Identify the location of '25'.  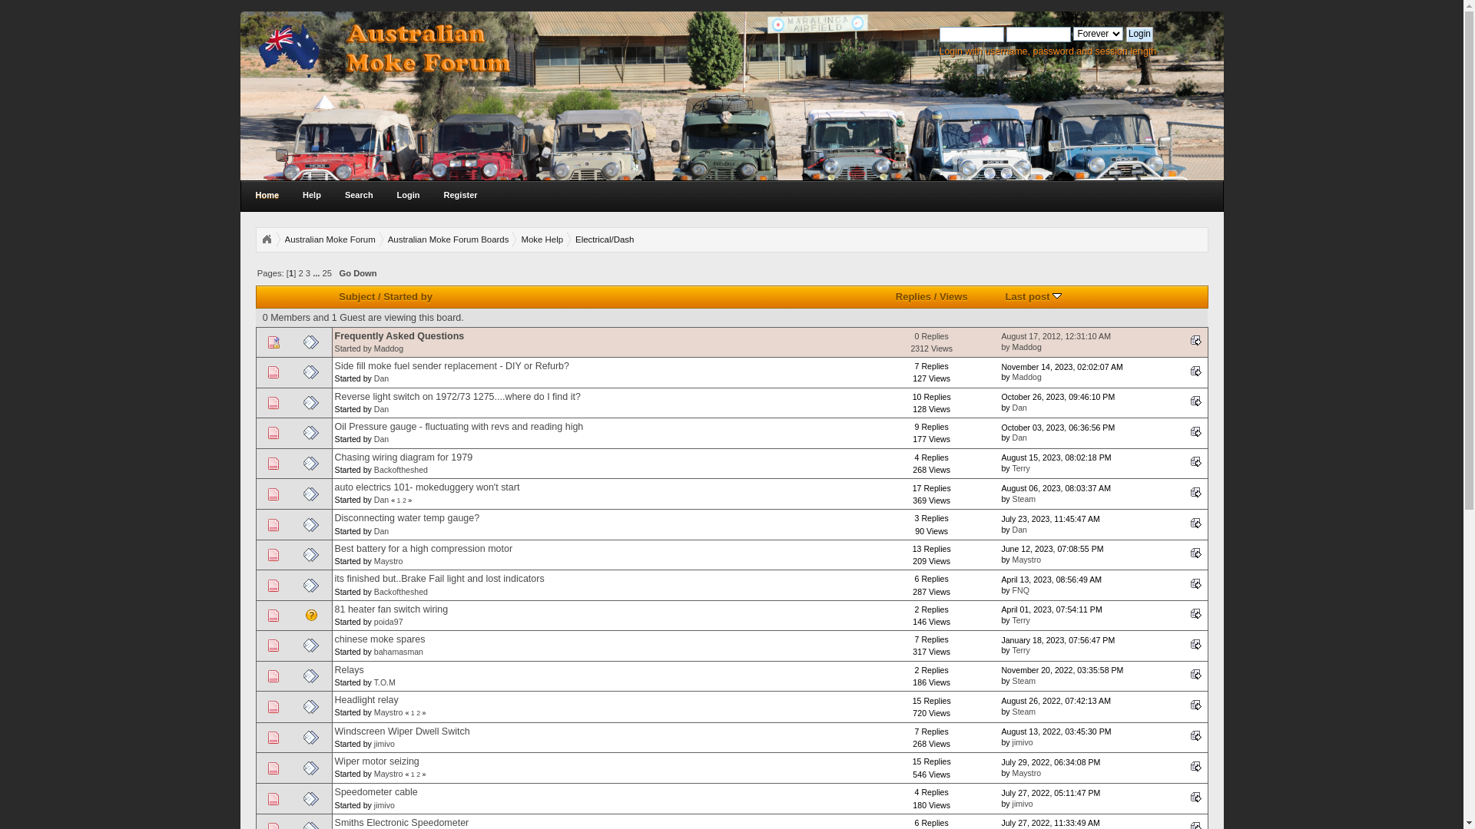
(326, 272).